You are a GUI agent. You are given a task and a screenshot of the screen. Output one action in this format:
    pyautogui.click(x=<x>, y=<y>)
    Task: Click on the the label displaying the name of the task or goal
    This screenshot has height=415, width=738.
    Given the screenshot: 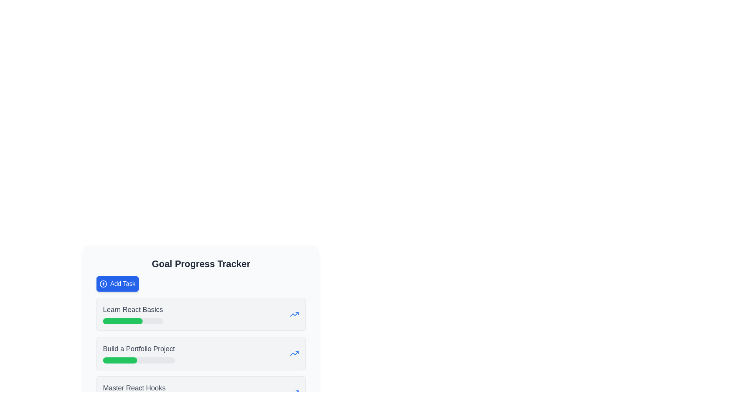 What is the action you would take?
    pyautogui.click(x=134, y=388)
    